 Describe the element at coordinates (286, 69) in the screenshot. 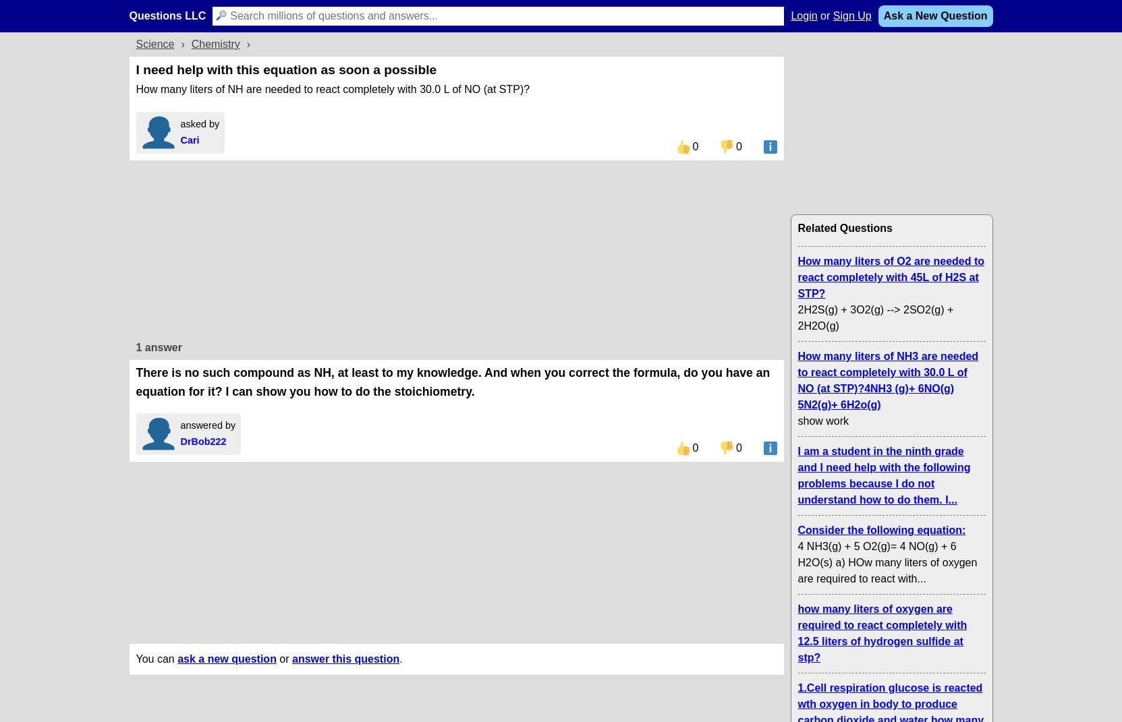

I see `'I need help with this equation as soon a possible'` at that location.